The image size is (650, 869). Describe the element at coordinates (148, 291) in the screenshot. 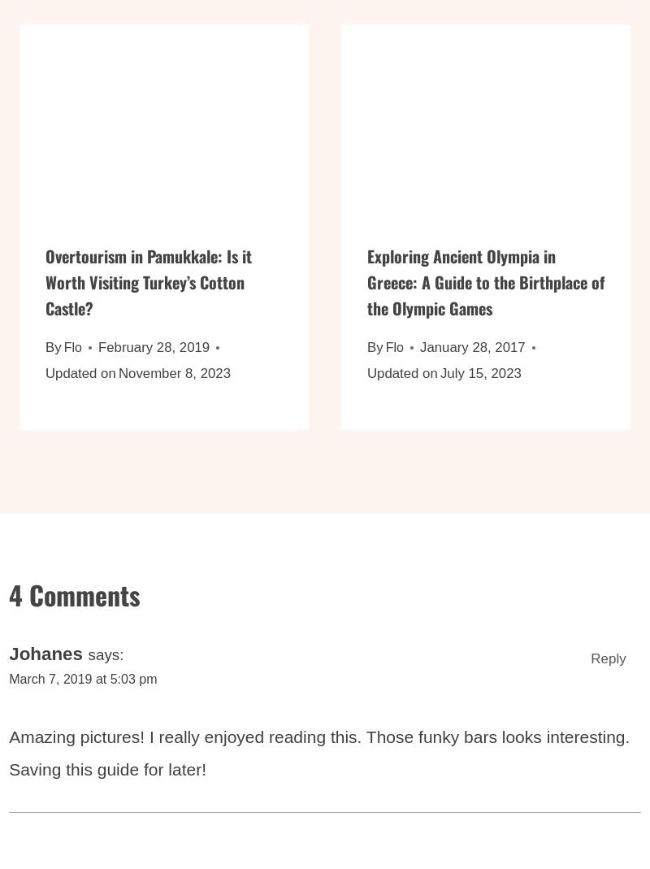

I see `'Overtourism in Pamukkale: Is it Worth Visiting Turkey’s Cotton Castle?'` at that location.